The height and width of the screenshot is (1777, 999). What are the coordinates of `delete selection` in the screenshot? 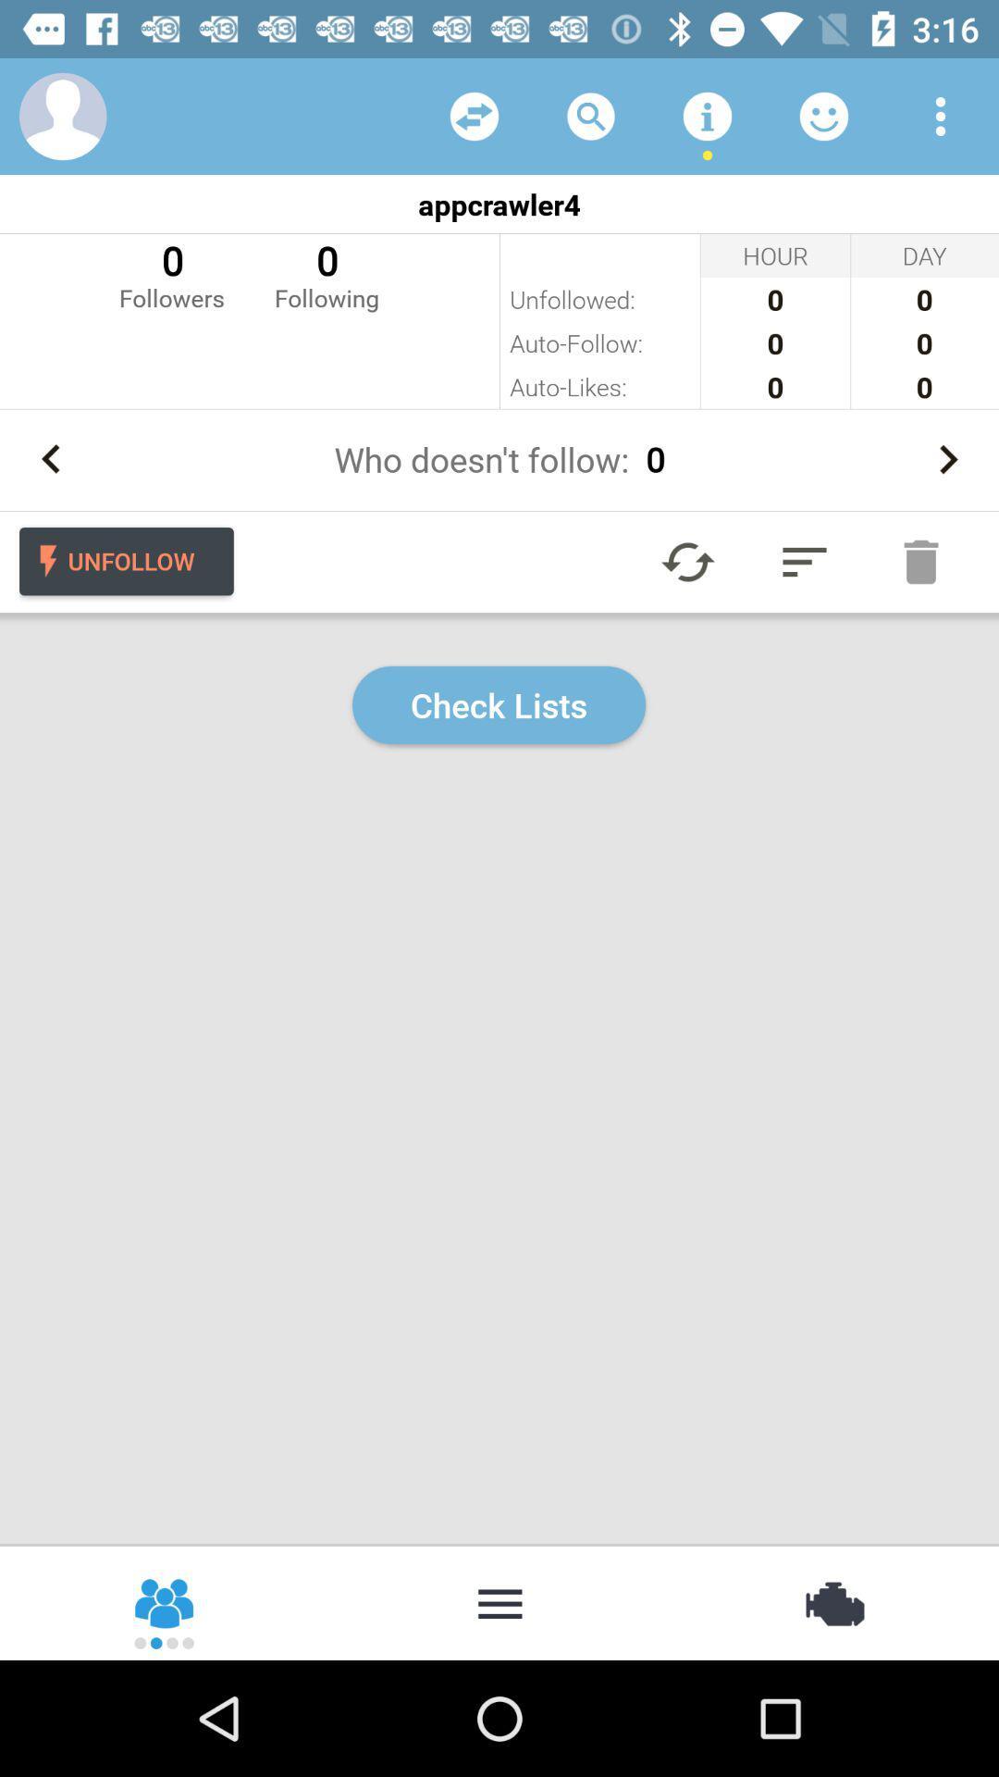 It's located at (920, 561).